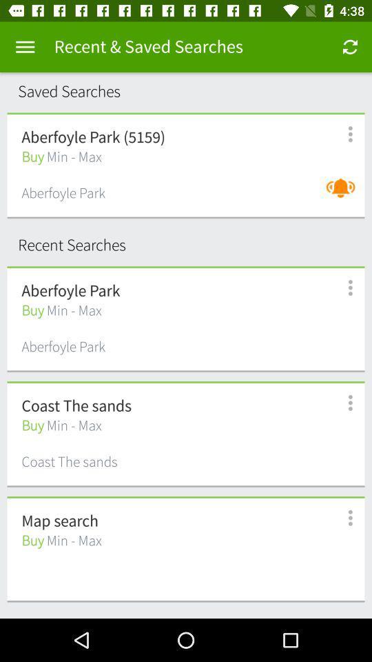 Image resolution: width=372 pixels, height=662 pixels. Describe the element at coordinates (59, 521) in the screenshot. I see `map search icon` at that location.